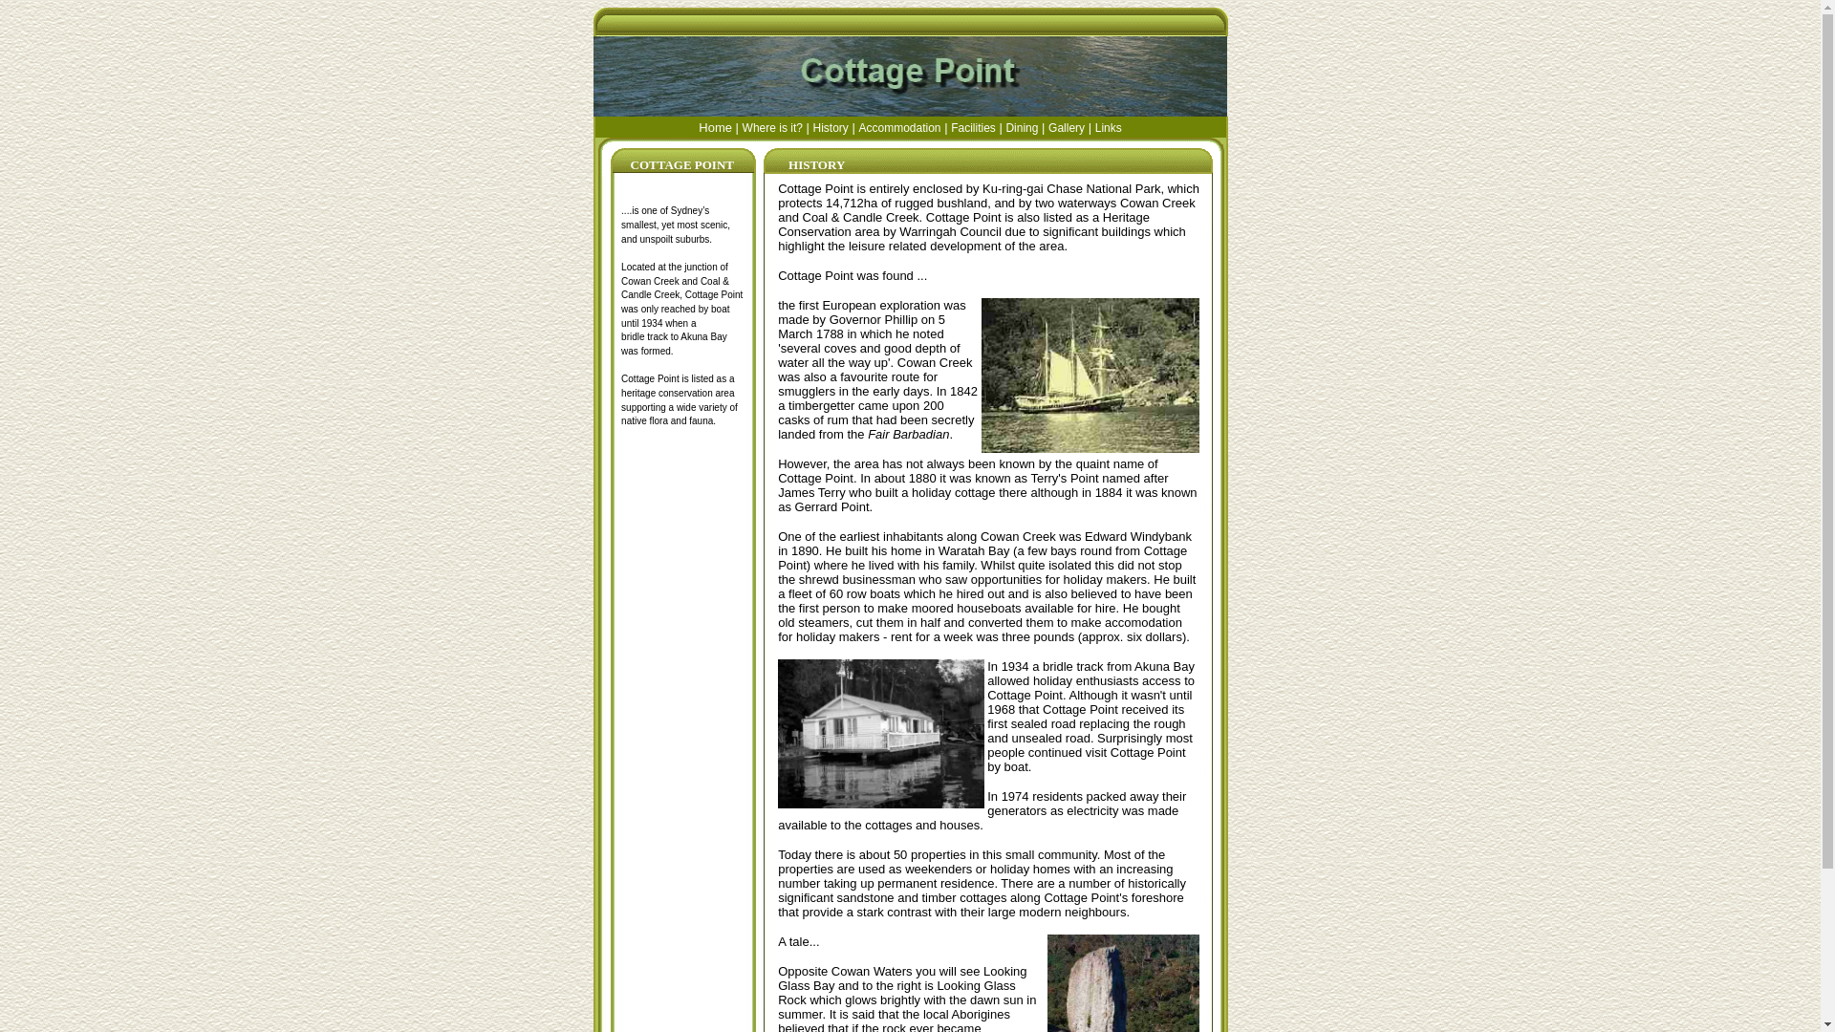  What do you see at coordinates (1066, 126) in the screenshot?
I see `'Gallery'` at bounding box center [1066, 126].